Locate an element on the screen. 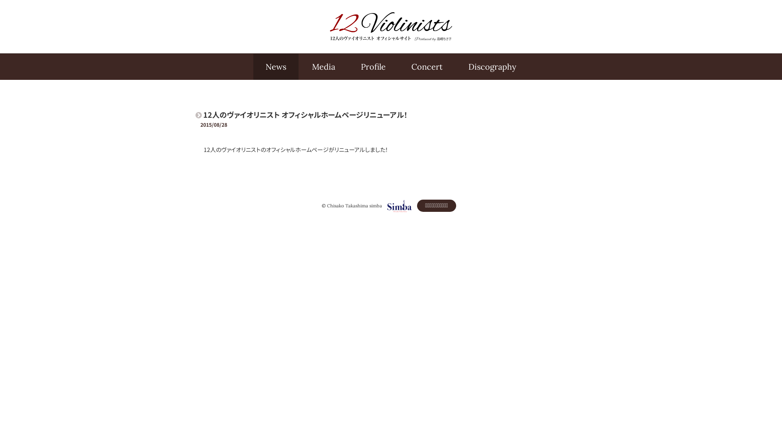 This screenshot has width=782, height=440. 'News' is located at coordinates (276, 66).